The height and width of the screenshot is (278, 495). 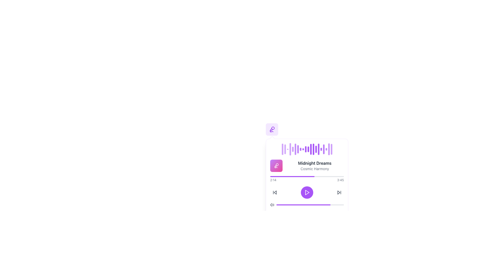 I want to click on the progress, so click(x=304, y=204).